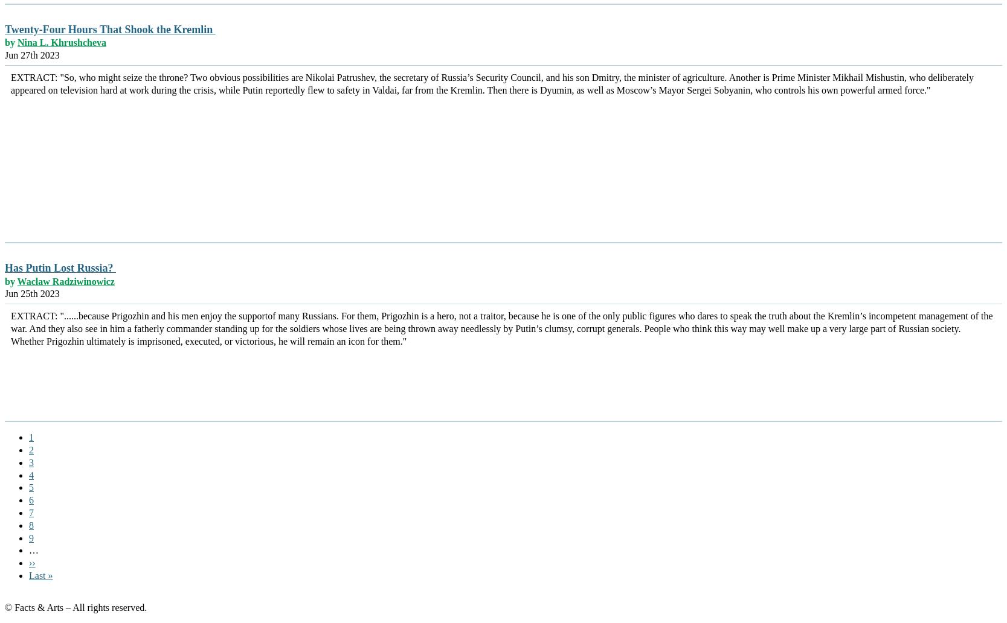 This screenshot has height=623, width=1007. I want to click on '5', so click(31, 487).